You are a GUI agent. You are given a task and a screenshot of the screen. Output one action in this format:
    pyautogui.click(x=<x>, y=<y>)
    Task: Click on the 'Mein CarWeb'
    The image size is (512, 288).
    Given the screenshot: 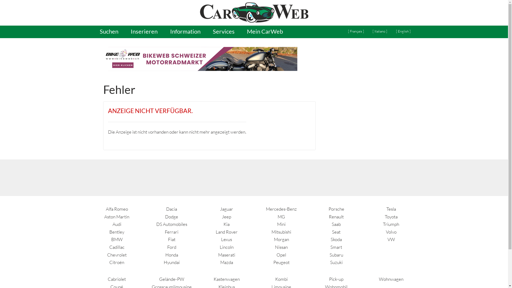 What is the action you would take?
    pyautogui.click(x=241, y=32)
    